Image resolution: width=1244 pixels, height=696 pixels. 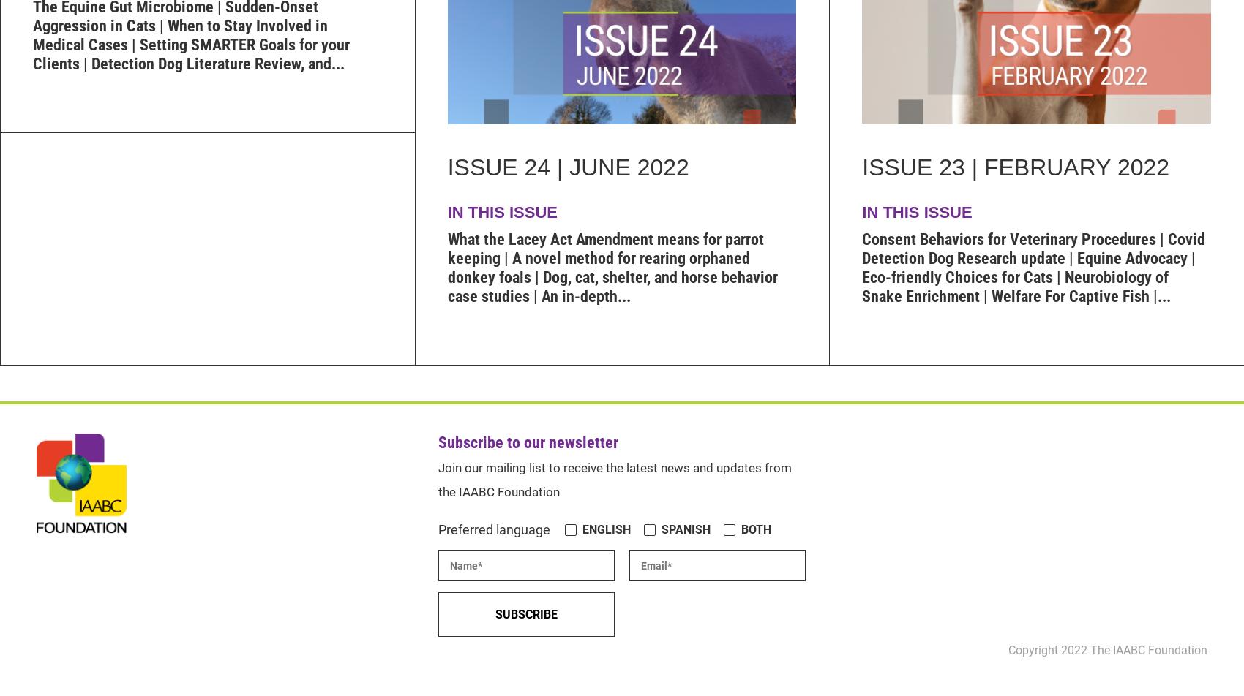 I want to click on 'English', so click(x=605, y=529).